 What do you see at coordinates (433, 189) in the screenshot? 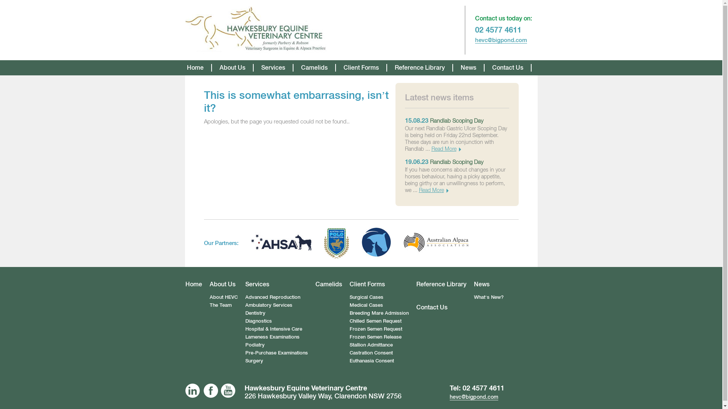
I see `'Read More'` at bounding box center [433, 189].